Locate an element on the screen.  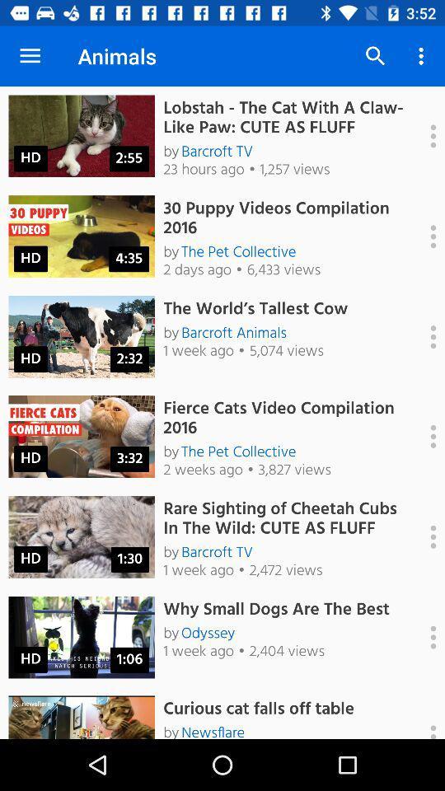
options is located at coordinates (424, 636).